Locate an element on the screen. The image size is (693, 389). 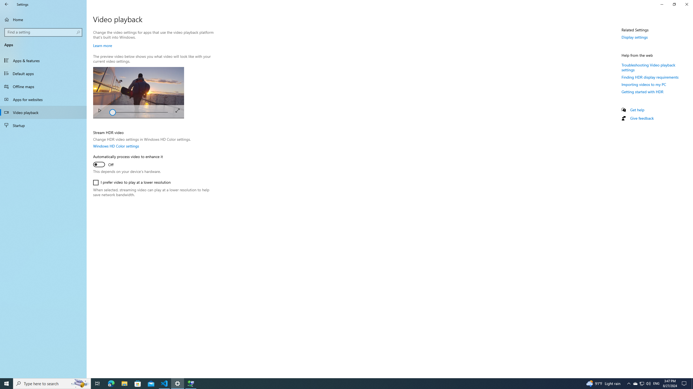
'Extensible Wizards Host Process - 1 running window' is located at coordinates (191, 383).